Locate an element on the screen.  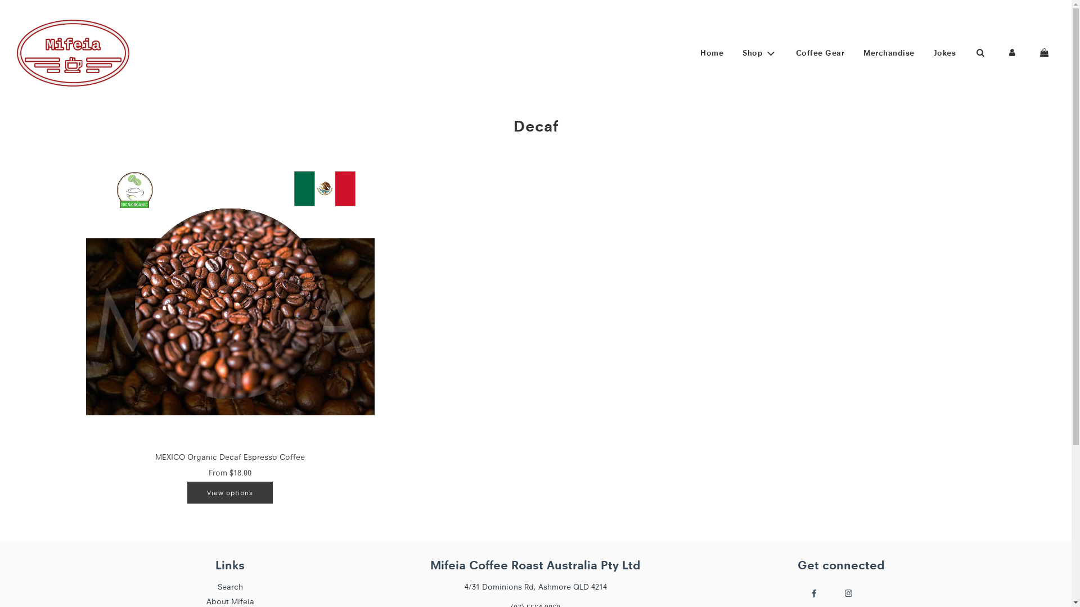
'From $18.00' is located at coordinates (229, 472).